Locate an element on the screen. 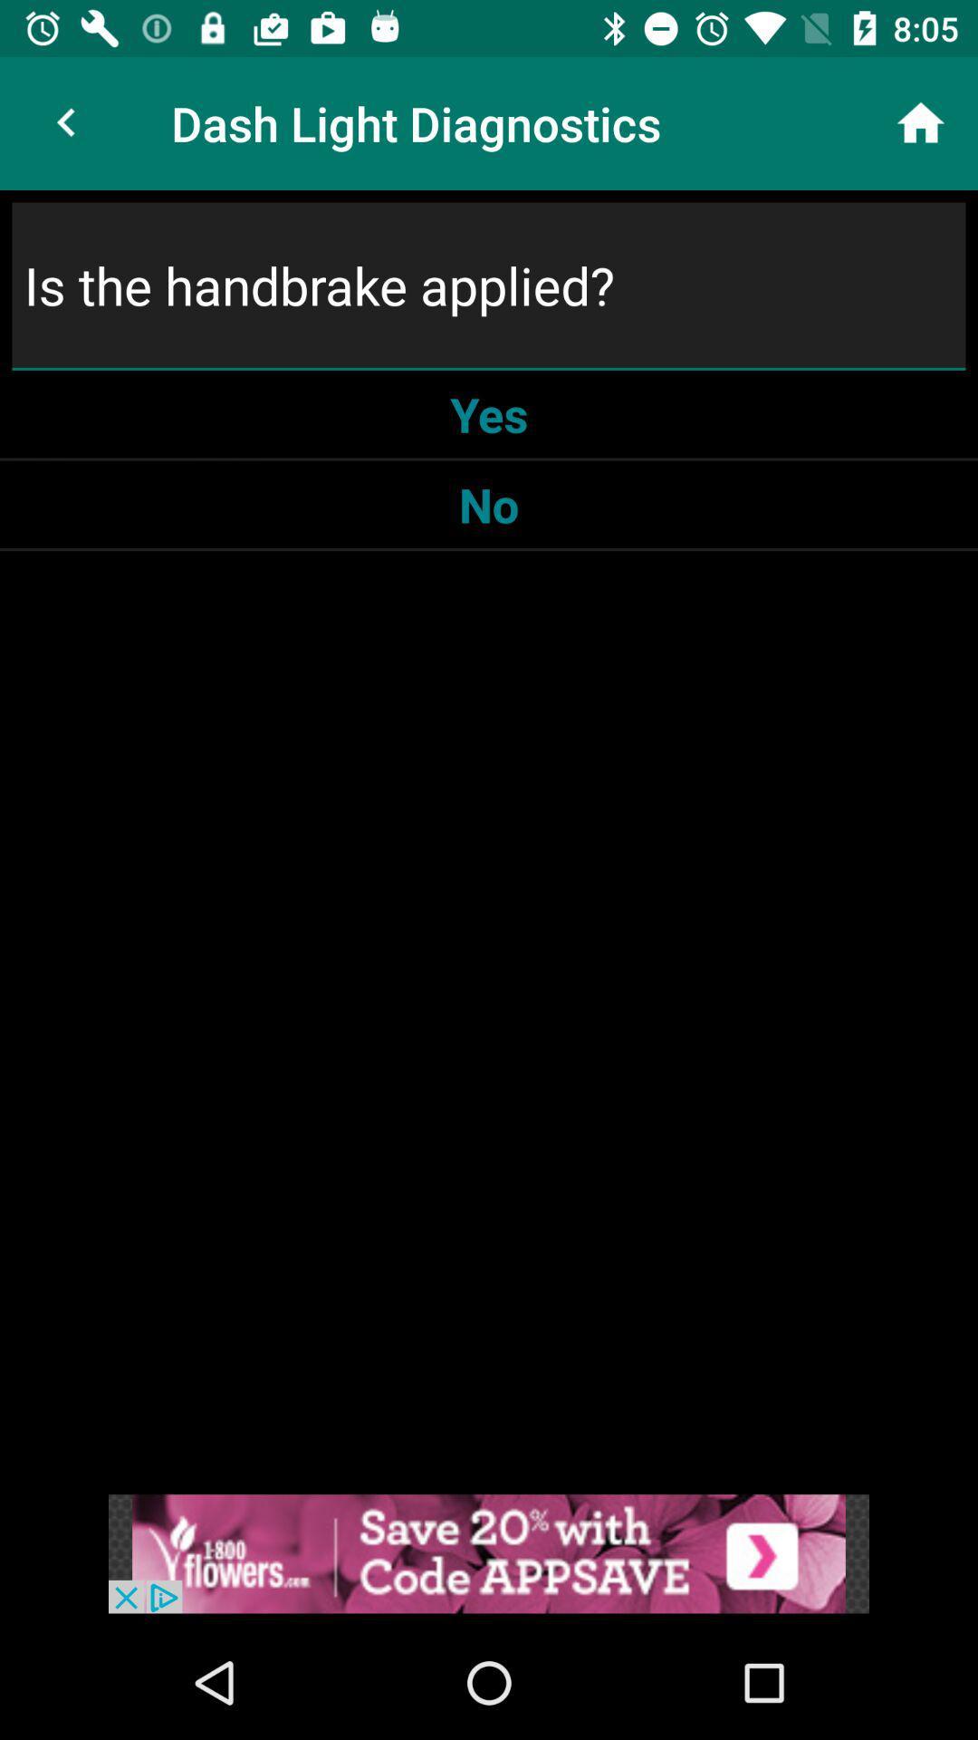 The width and height of the screenshot is (978, 1740). advertisement is located at coordinates (489, 1552).